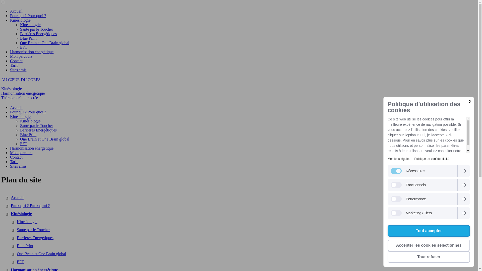  Describe the element at coordinates (16, 157) in the screenshot. I see `'Contact'` at that location.